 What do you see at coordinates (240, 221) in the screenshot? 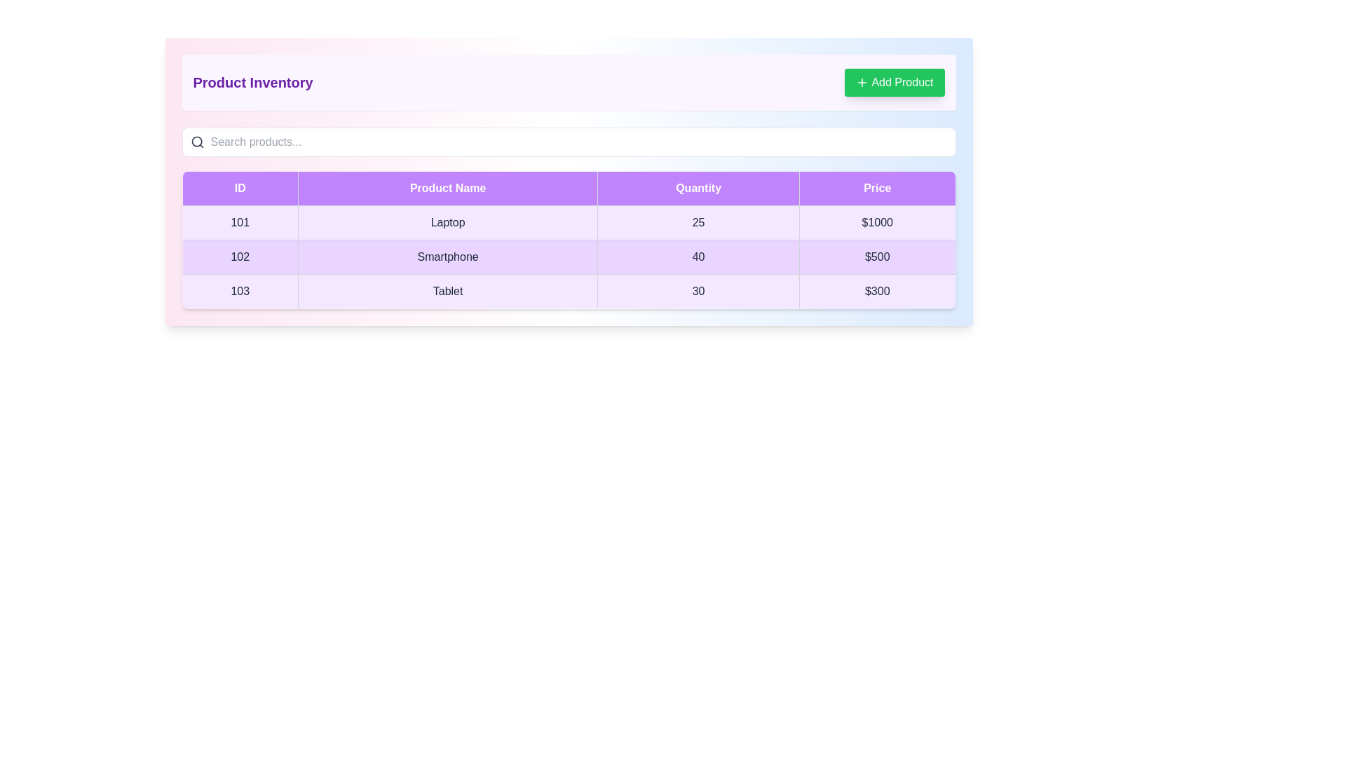
I see `text '101' from the table cell element with a purple background and gray border, located in the first column under the 'ID' header` at bounding box center [240, 221].